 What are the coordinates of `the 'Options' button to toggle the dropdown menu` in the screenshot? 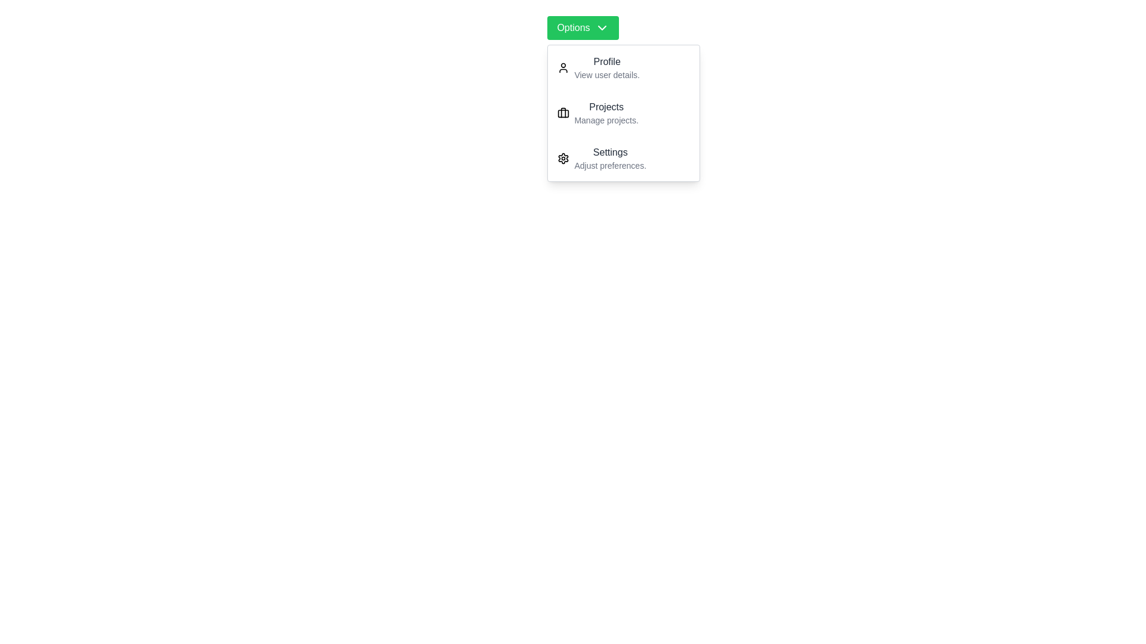 It's located at (583, 27).